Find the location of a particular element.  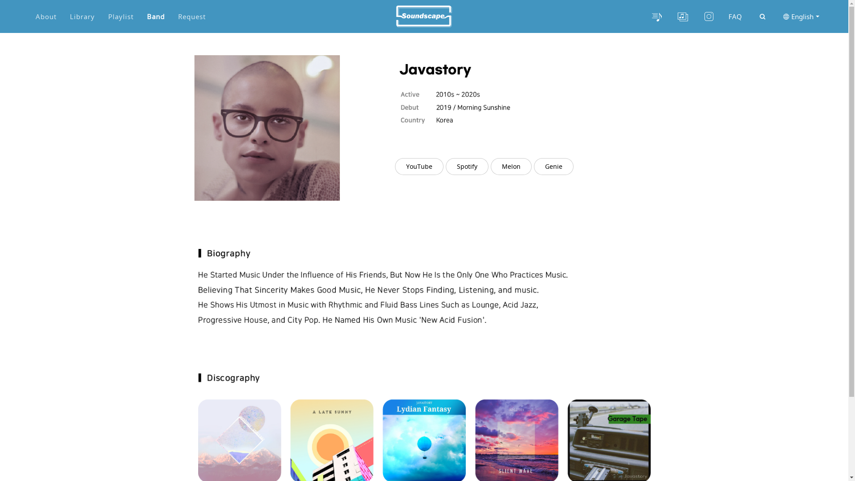

'About' is located at coordinates (45, 16).